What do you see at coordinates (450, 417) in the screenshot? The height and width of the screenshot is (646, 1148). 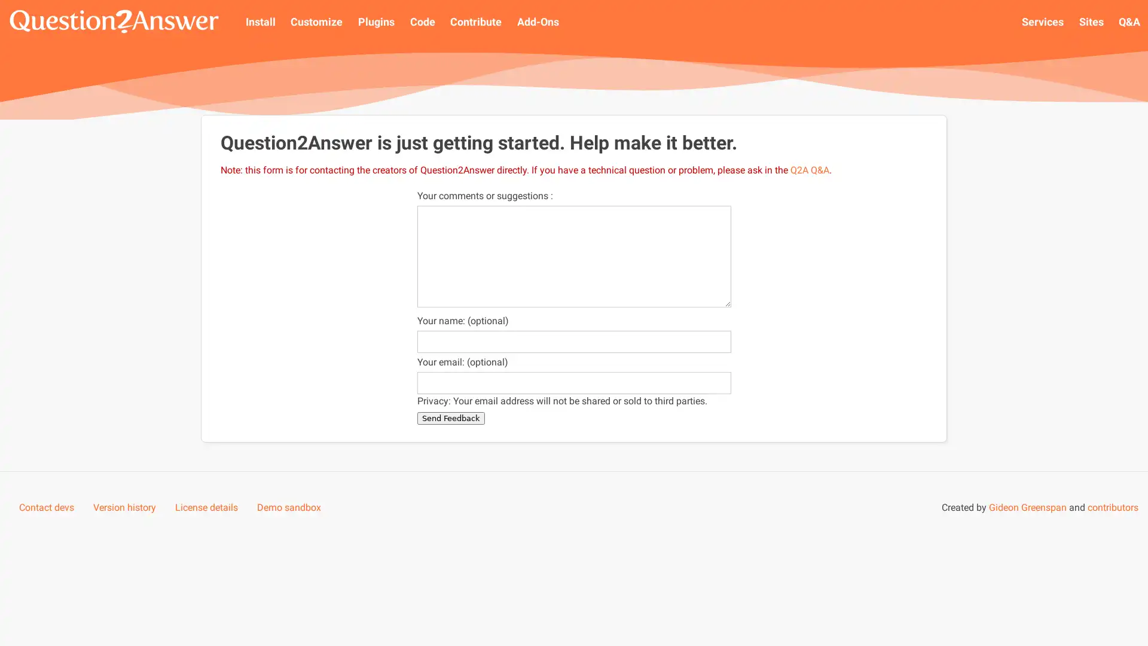 I see `Send Feedback` at bounding box center [450, 417].